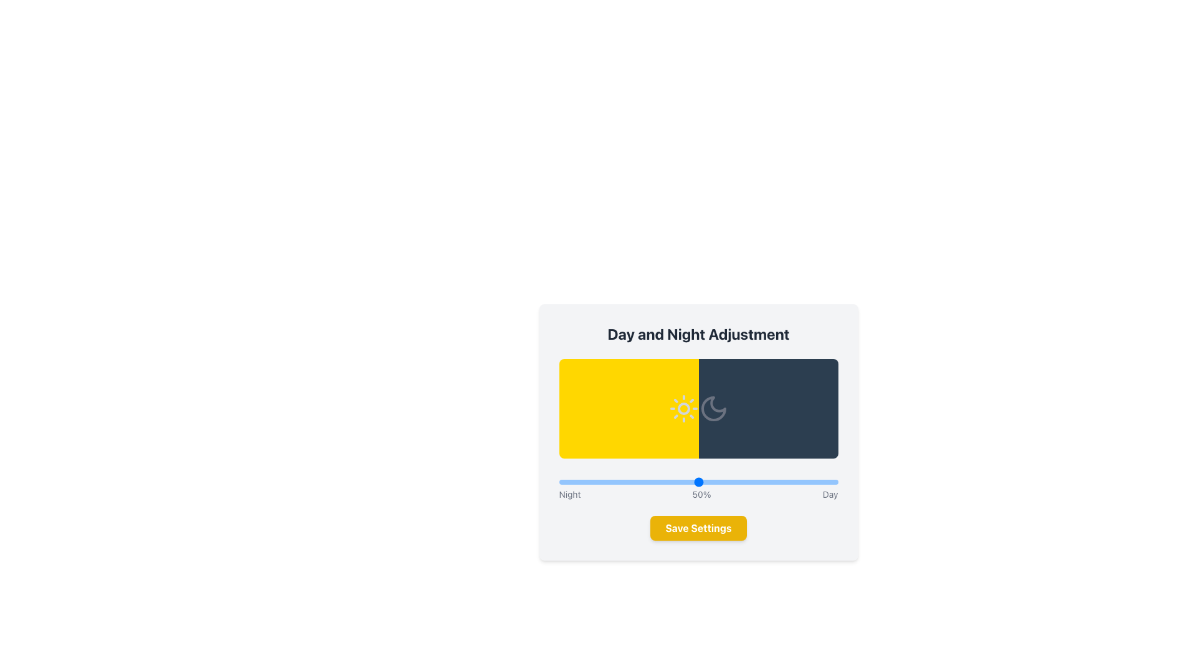 The height and width of the screenshot is (672, 1196). What do you see at coordinates (721, 482) in the screenshot?
I see `the adjustment slider` at bounding box center [721, 482].